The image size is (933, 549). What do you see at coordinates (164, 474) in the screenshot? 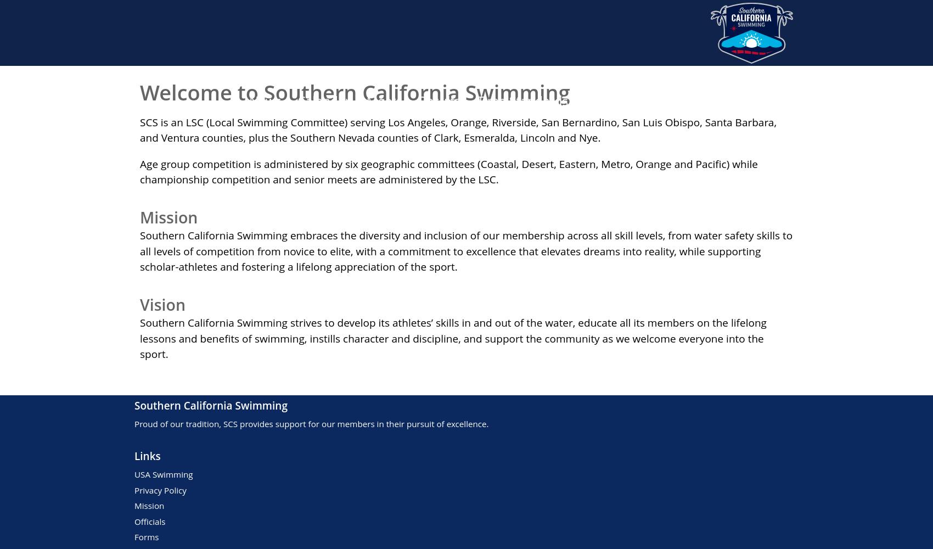
I see `'USA Swimming'` at bounding box center [164, 474].